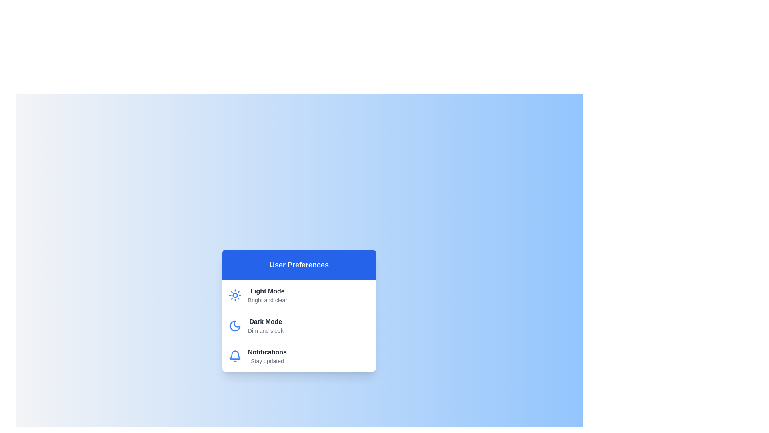 The width and height of the screenshot is (769, 433). I want to click on the theme Dark Mode to observe the hover effect, so click(299, 326).